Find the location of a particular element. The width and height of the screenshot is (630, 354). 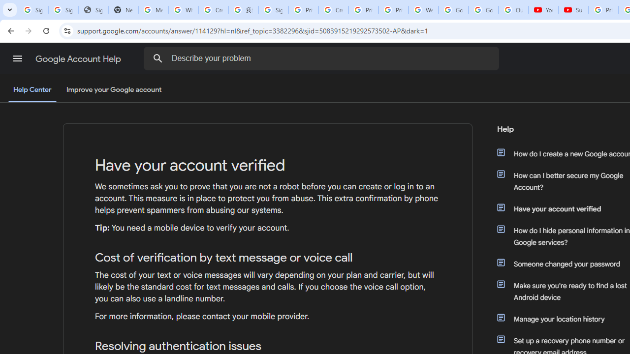

'Search the Help Center' is located at coordinates (157, 58).